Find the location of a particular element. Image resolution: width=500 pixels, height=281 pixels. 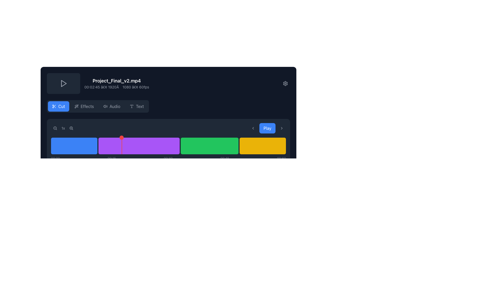

the compact right-pointing chevron icon, styled in light gray is located at coordinates (281, 128).